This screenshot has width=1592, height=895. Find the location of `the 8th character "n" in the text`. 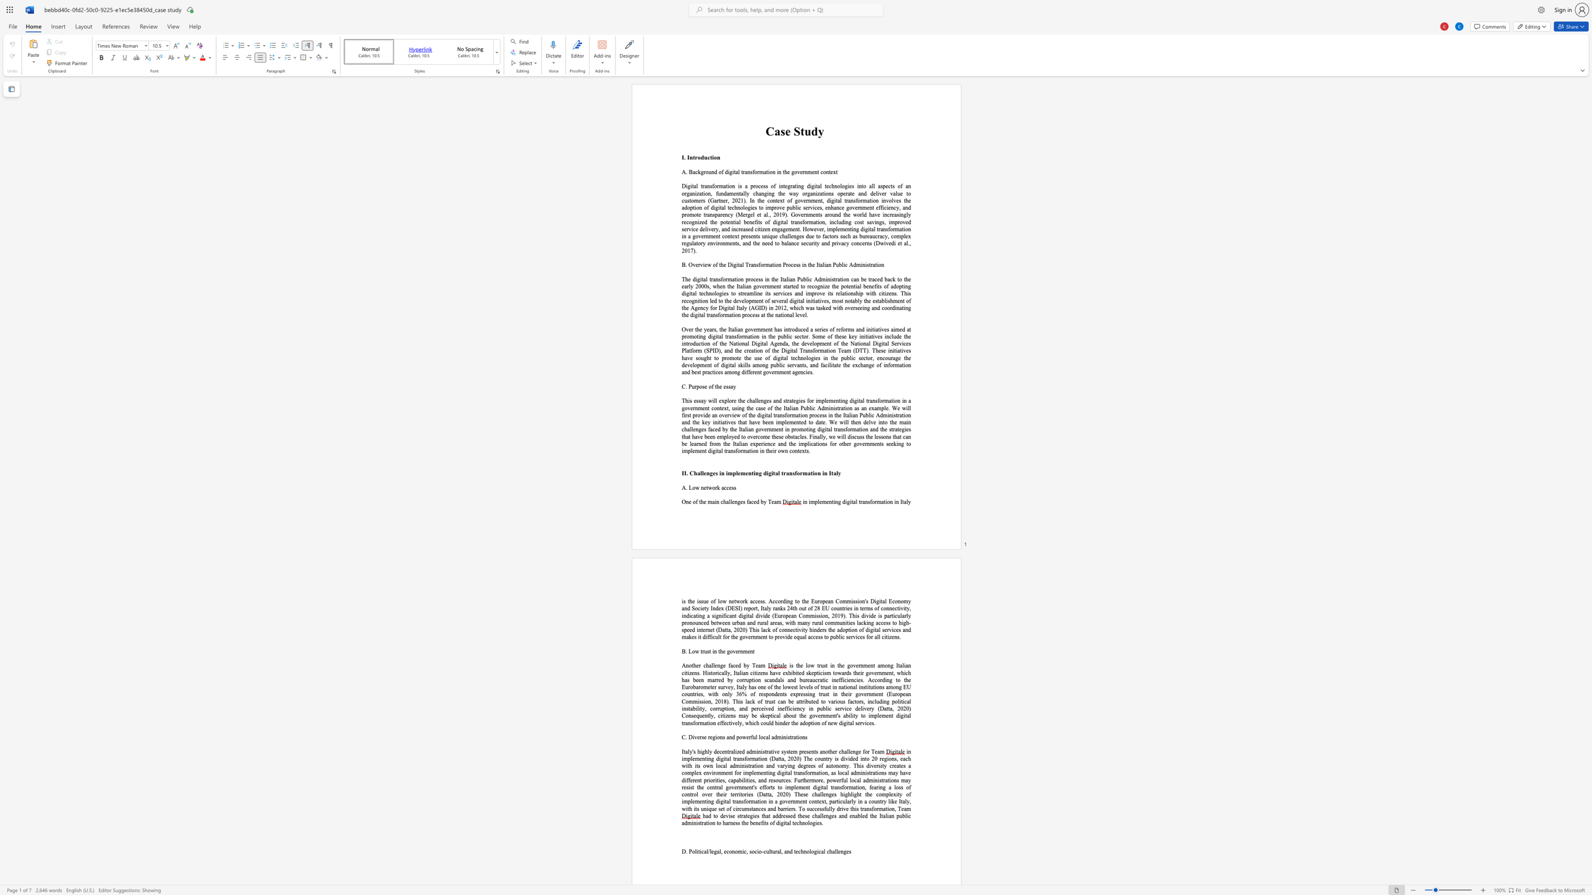

the 8th character "n" in the text is located at coordinates (787, 372).